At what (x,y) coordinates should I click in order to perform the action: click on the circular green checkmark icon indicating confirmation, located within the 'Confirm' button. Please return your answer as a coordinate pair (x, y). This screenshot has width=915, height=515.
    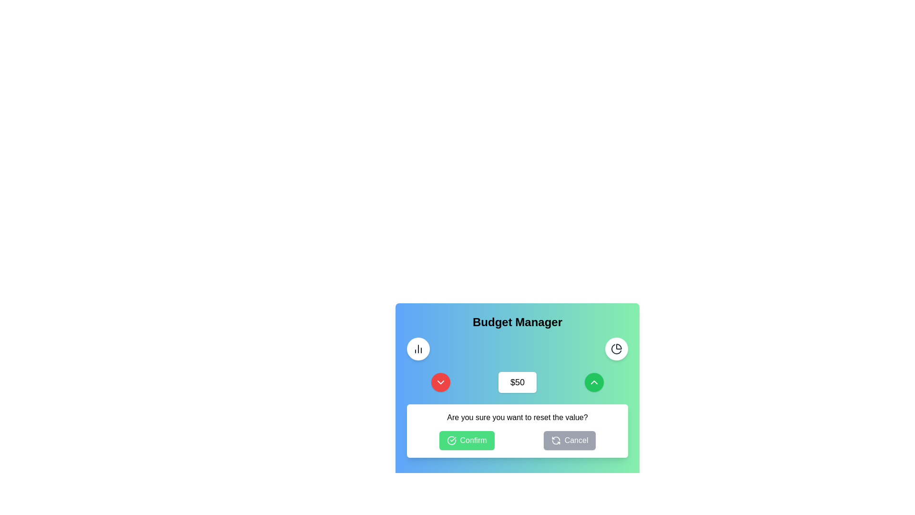
    Looking at the image, I should click on (451, 441).